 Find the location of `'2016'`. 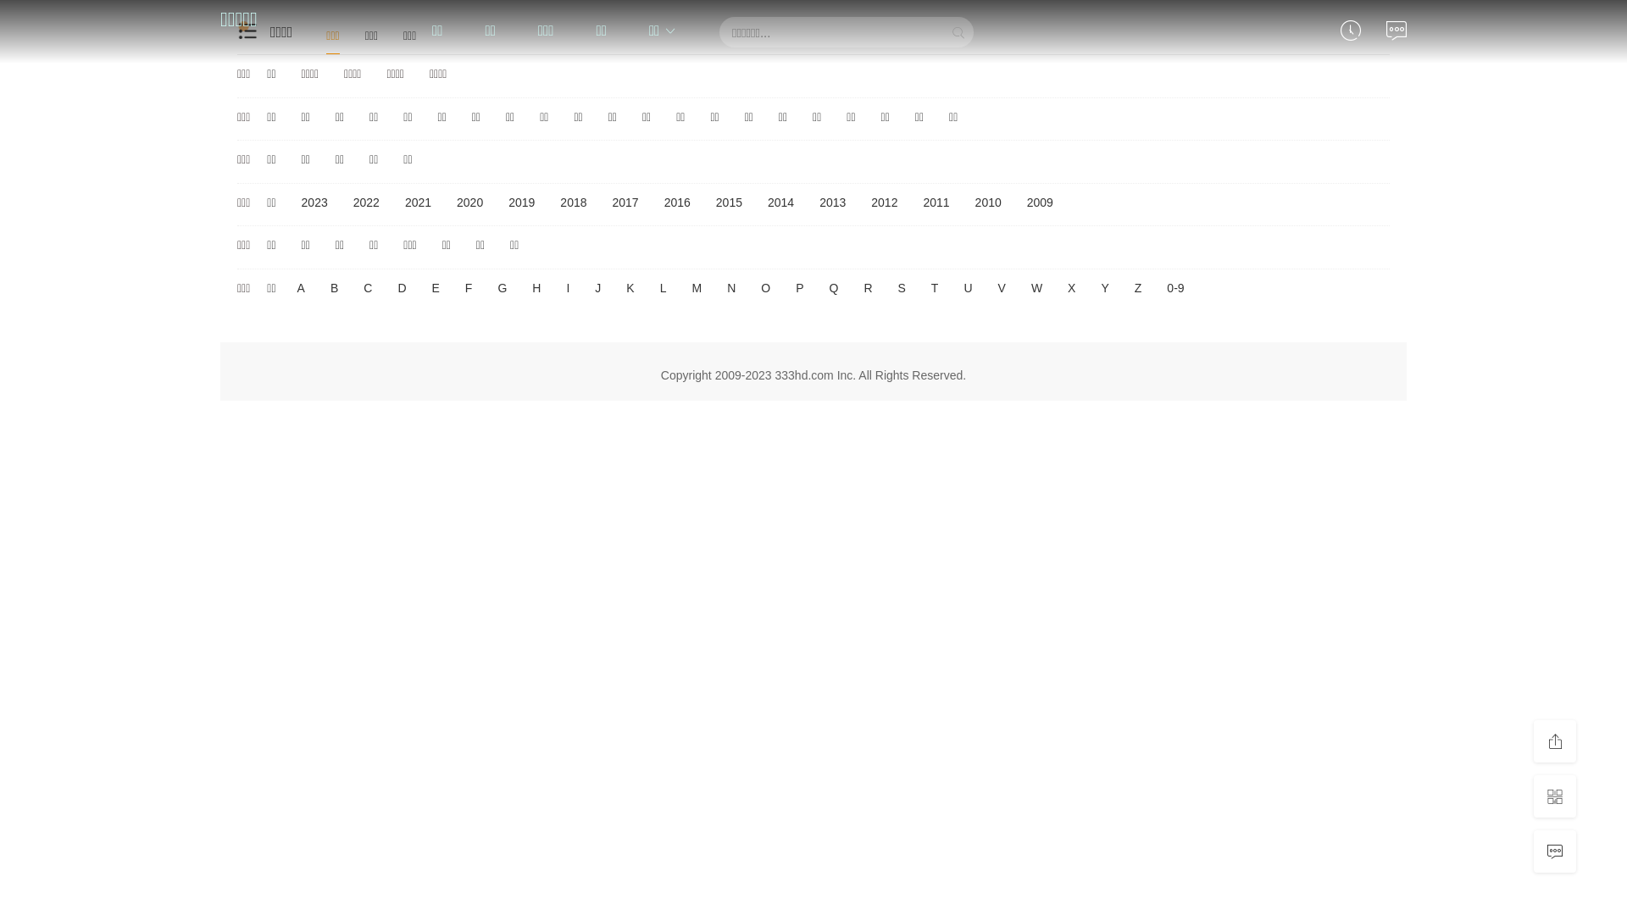

'2016' is located at coordinates (676, 202).